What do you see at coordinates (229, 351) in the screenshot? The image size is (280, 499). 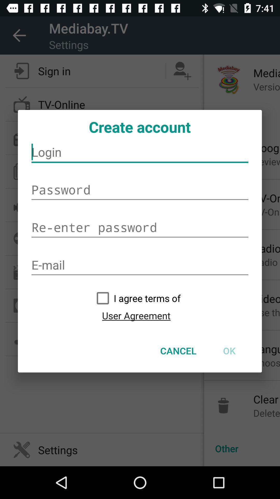 I see `the ok item` at bounding box center [229, 351].